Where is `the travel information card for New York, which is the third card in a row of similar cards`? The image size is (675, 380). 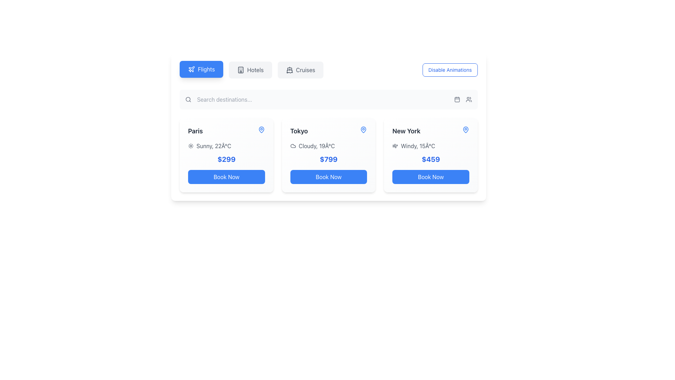
the travel information card for New York, which is the third card in a row of similar cards is located at coordinates (430, 154).